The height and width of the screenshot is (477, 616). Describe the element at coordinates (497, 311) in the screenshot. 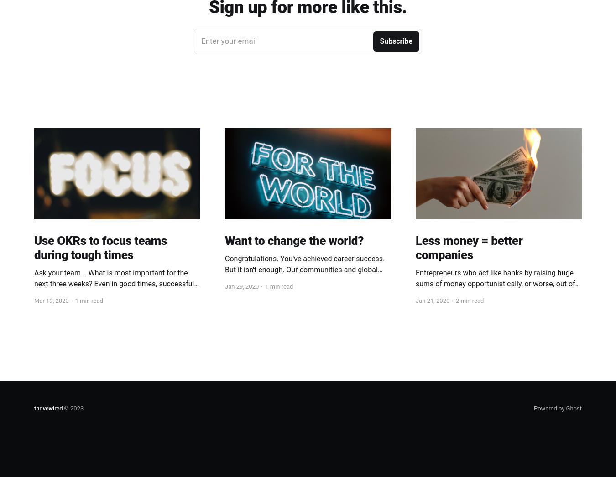

I see `'Entrepreneurs who act like banks by raising huge sums of money
opportunistically, or worse, out of pride or false validation, often face
unfavorable outcomes.

Growth capital, when used properly, has energized many of the best companies,
and handled incorrectly, it has created toxic dependencies and poor outcomes.

The conventional wisdom'` at that location.